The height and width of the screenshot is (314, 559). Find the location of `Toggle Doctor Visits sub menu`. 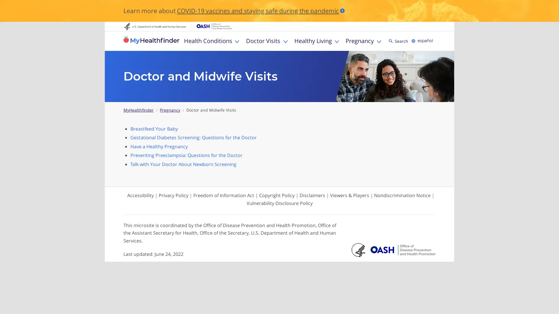

Toggle Doctor Visits sub menu is located at coordinates (285, 41).